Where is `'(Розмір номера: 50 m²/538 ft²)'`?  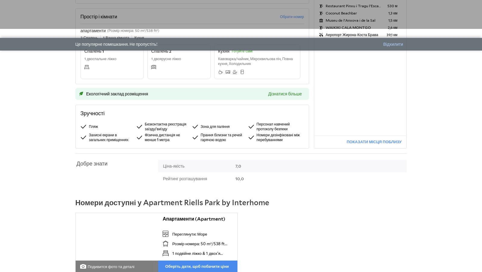
'(Розмір номера: 50 m²/538 ft²)' is located at coordinates (133, 30).